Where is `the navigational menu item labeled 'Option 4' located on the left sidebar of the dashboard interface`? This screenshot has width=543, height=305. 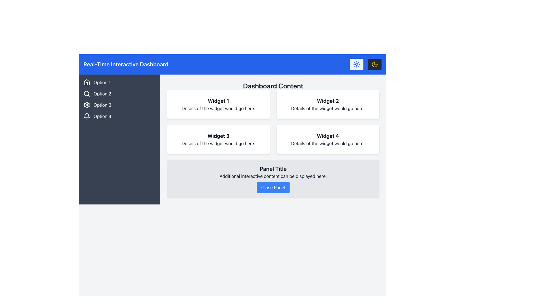
the navigational menu item labeled 'Option 4' located on the left sidebar of the dashboard interface is located at coordinates (119, 116).